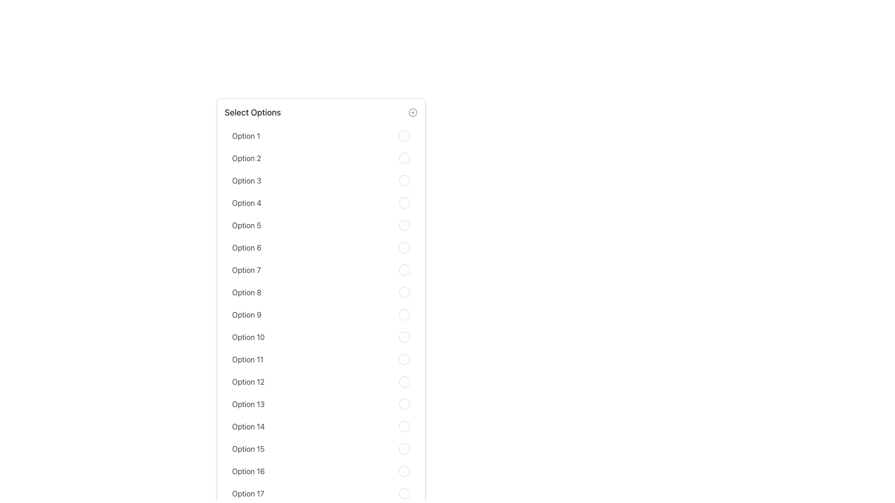  What do you see at coordinates (248, 382) in the screenshot?
I see `the text label displaying 'Option 12', which is styled in gray and located in the 12th position of a vertical list of options` at bounding box center [248, 382].